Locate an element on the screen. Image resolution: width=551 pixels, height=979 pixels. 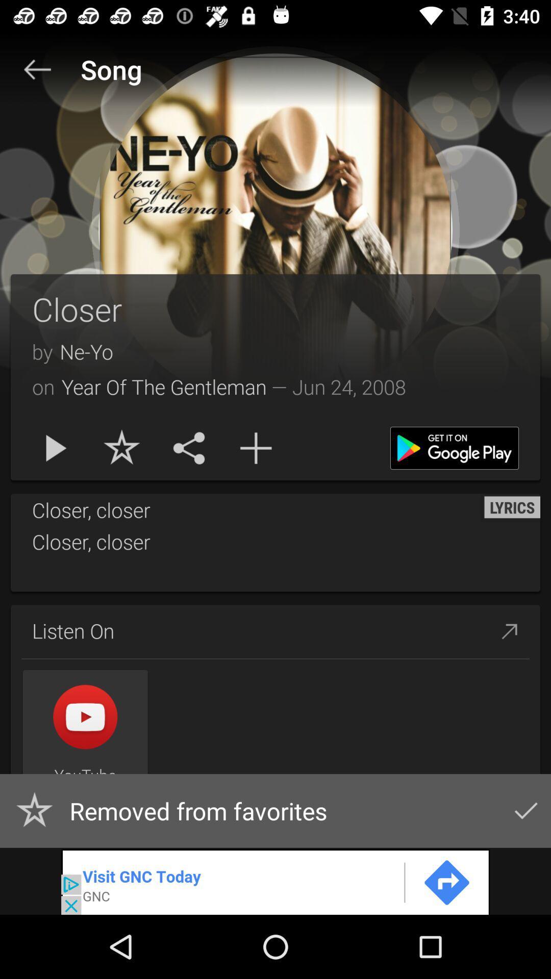
the share icon is located at coordinates (189, 448).